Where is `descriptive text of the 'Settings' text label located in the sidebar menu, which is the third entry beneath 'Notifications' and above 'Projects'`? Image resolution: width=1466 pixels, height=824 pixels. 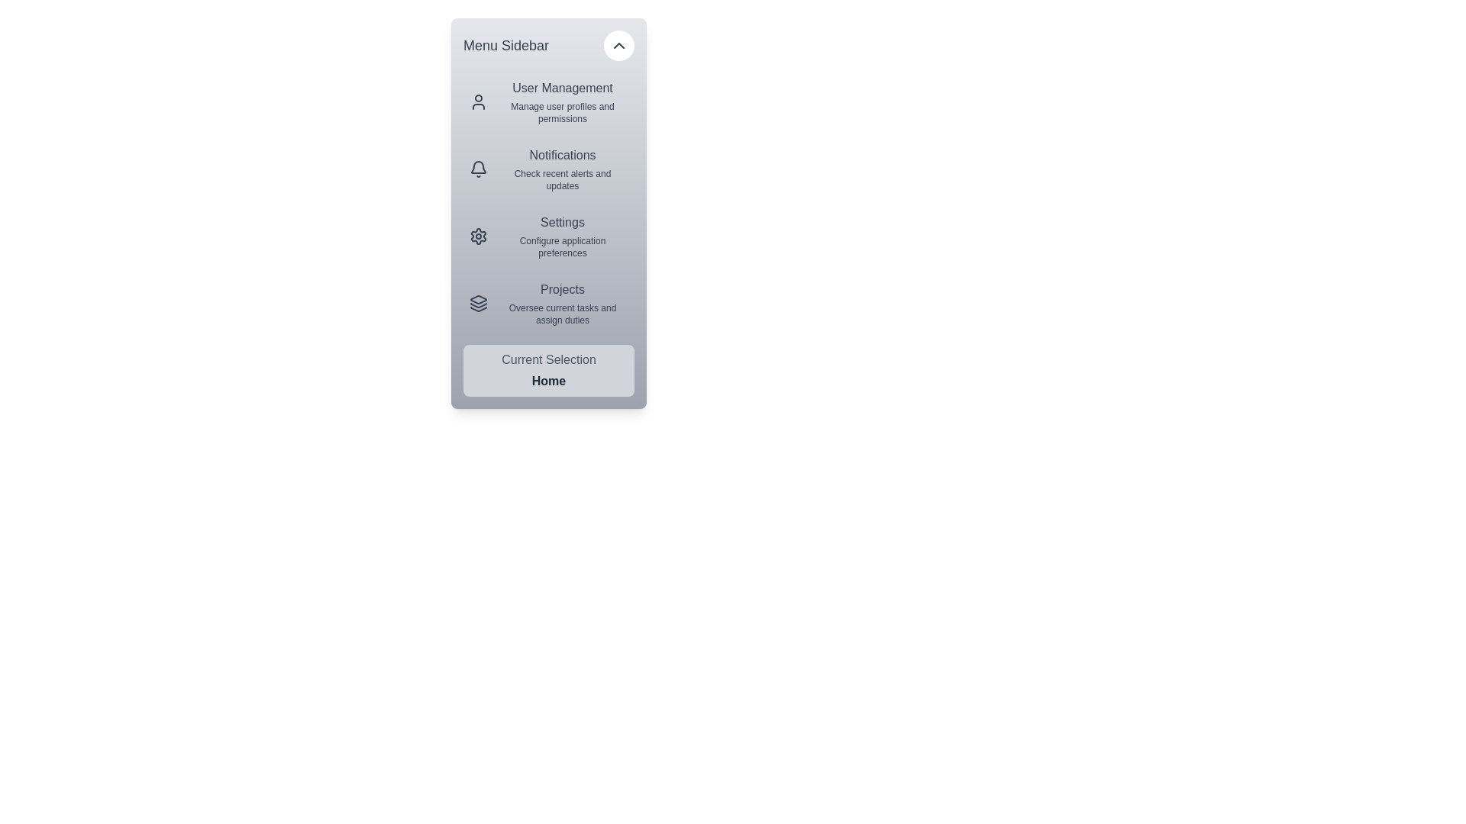 descriptive text of the 'Settings' text label located in the sidebar menu, which is the third entry beneath 'Notifications' and above 'Projects' is located at coordinates (562, 236).